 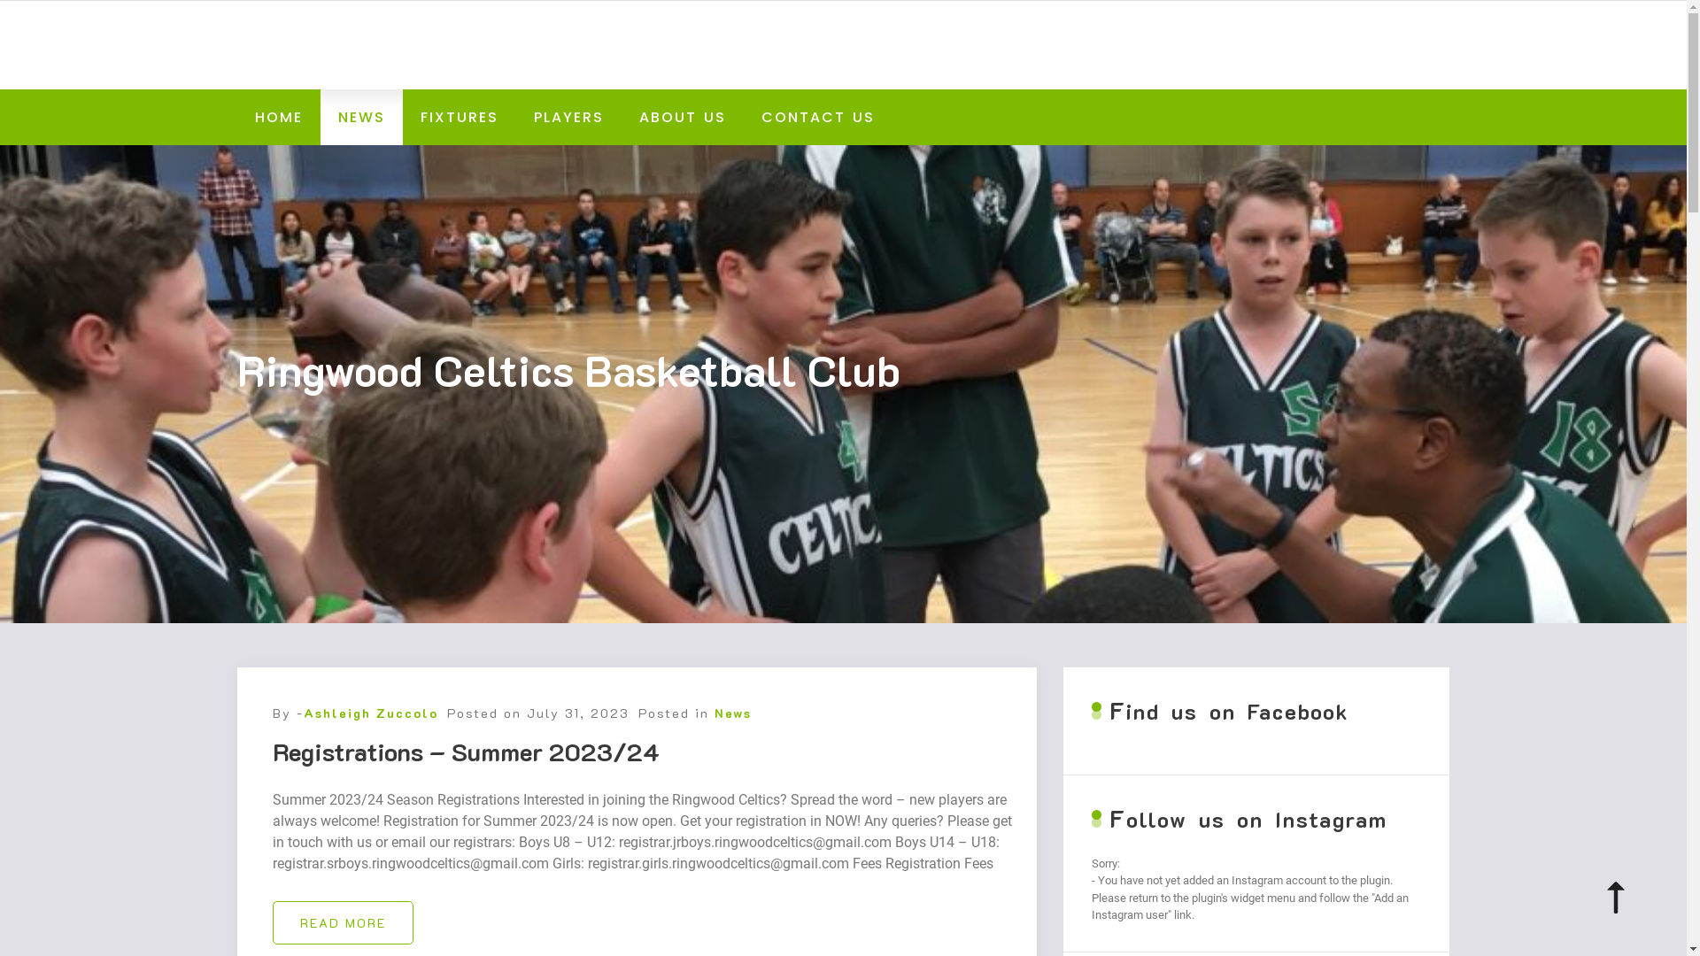 What do you see at coordinates (368, 712) in the screenshot?
I see `'Ashleigh Zuccolo'` at bounding box center [368, 712].